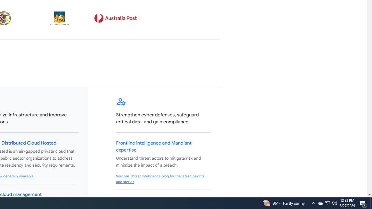 This screenshot has height=209, width=372. I want to click on 'Regione Veneto', so click(60, 18).